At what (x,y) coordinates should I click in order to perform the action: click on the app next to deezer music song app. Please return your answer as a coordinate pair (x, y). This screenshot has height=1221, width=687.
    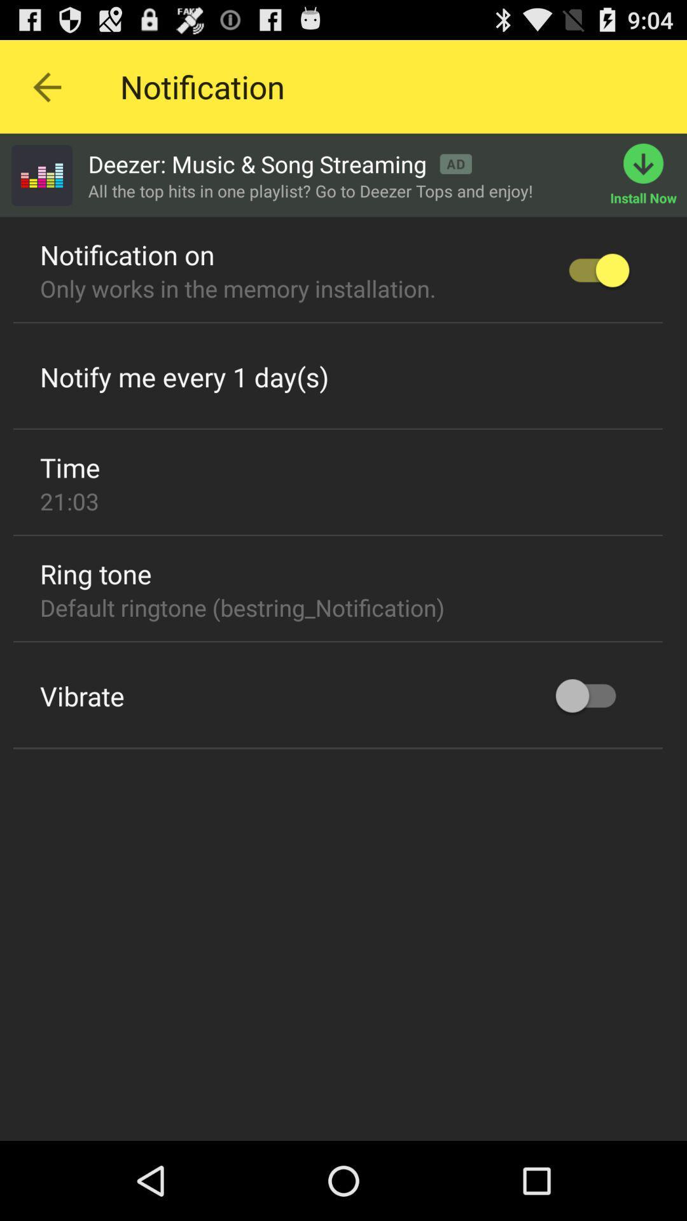
    Looking at the image, I should click on (41, 174).